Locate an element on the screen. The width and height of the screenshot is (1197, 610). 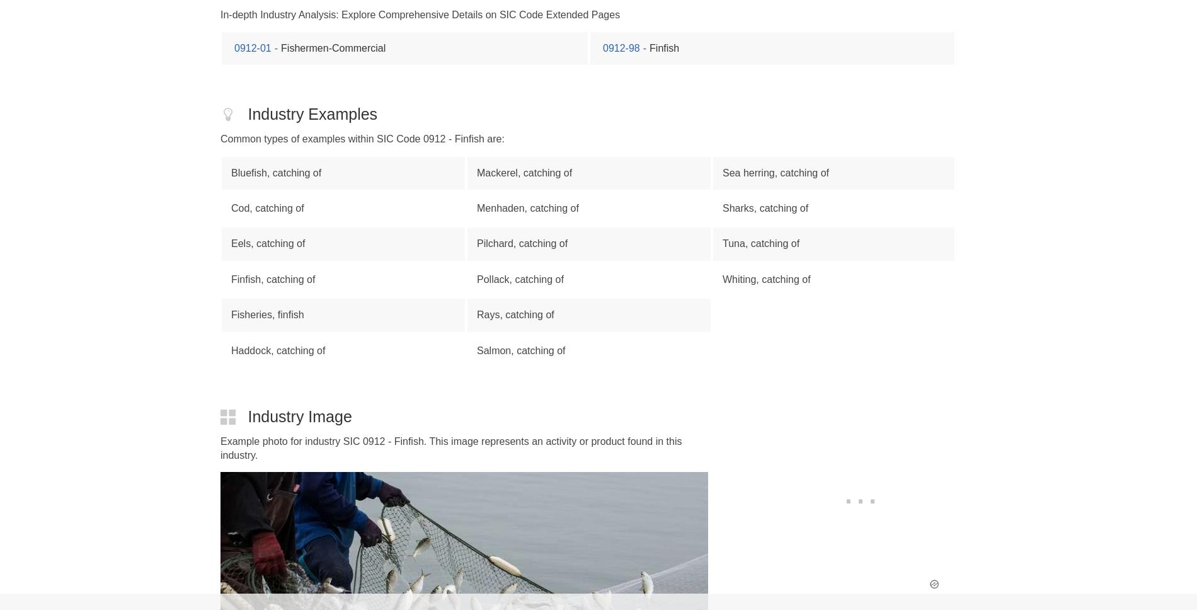
'Tuna, catching of' is located at coordinates (760, 243).